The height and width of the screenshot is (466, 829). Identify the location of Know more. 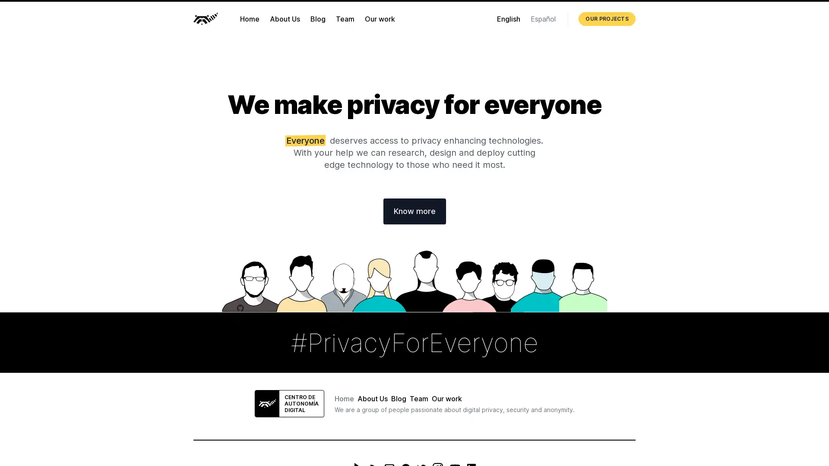
(414, 211).